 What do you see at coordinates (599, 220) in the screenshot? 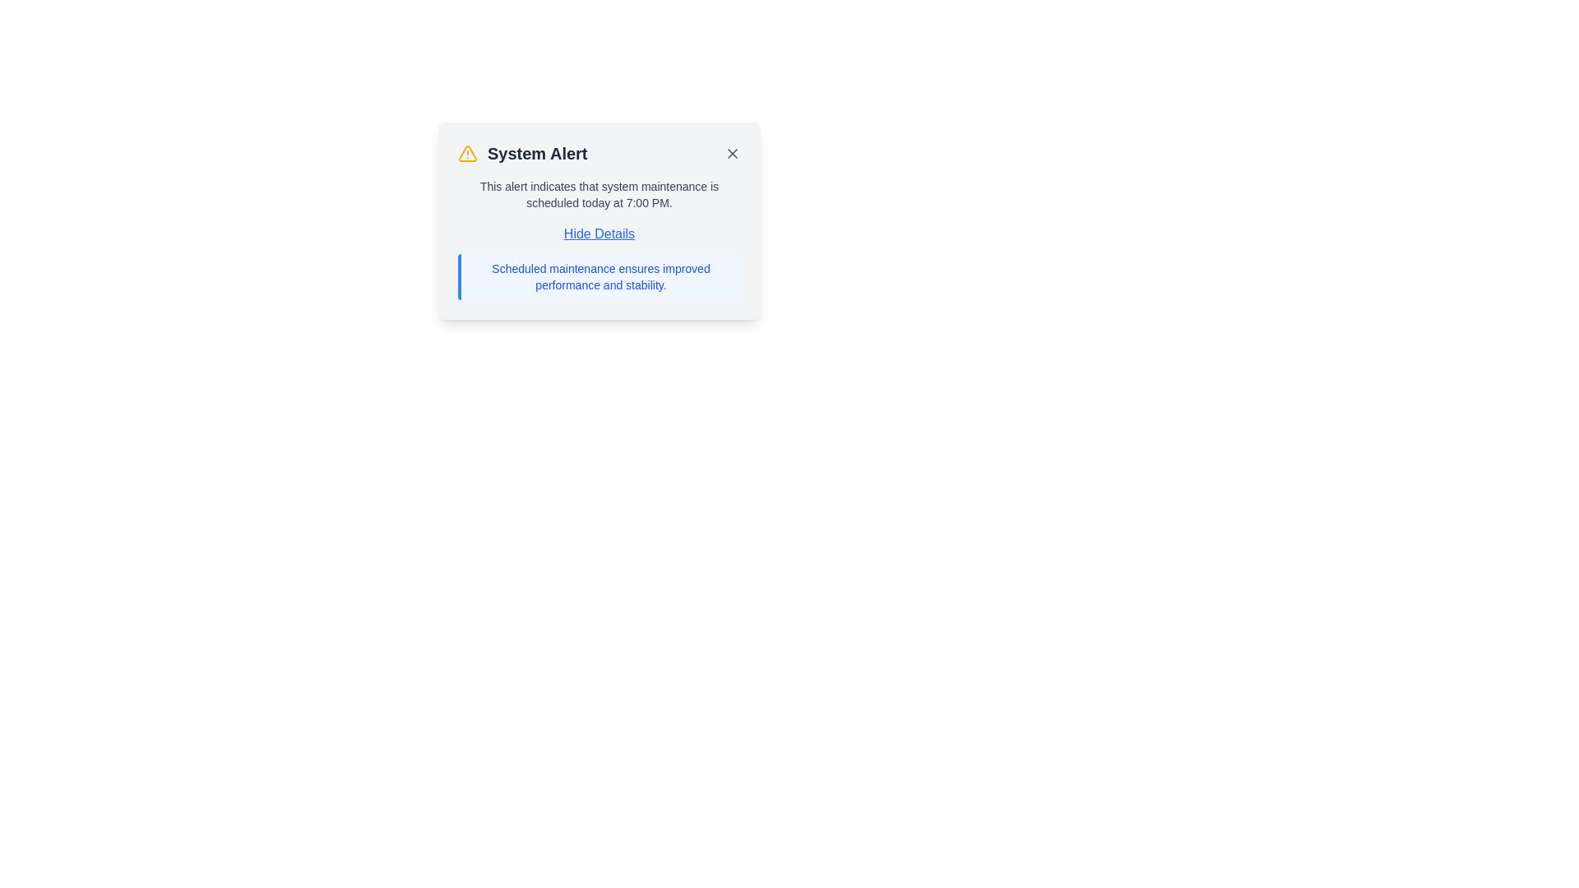
I see `the 'Hide Details' link within the notification or alert box` at bounding box center [599, 220].